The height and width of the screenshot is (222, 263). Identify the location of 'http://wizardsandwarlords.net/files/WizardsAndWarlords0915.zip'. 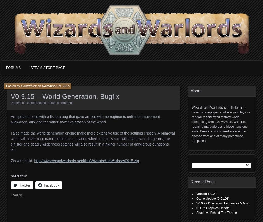
(86, 161).